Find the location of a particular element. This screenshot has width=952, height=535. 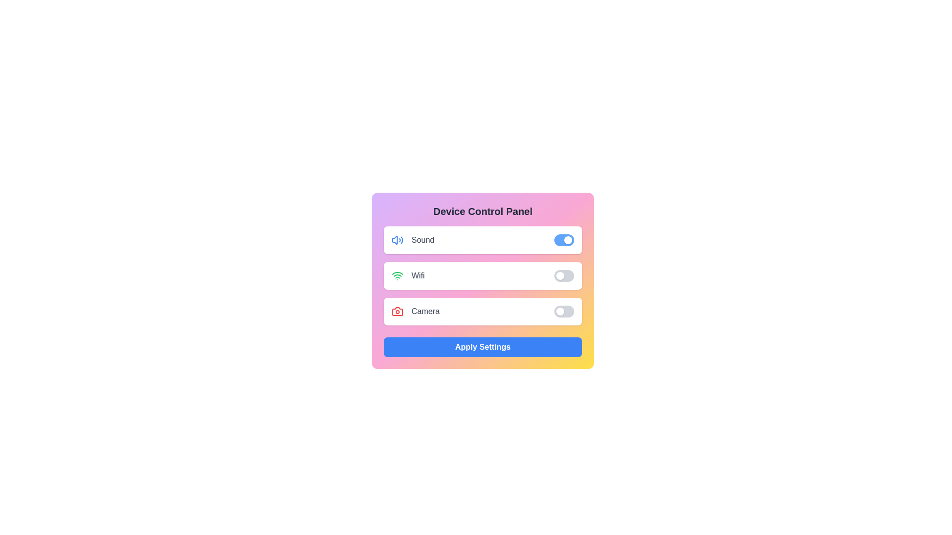

the toggle switch for the camera to change its state is located at coordinates (564, 311).